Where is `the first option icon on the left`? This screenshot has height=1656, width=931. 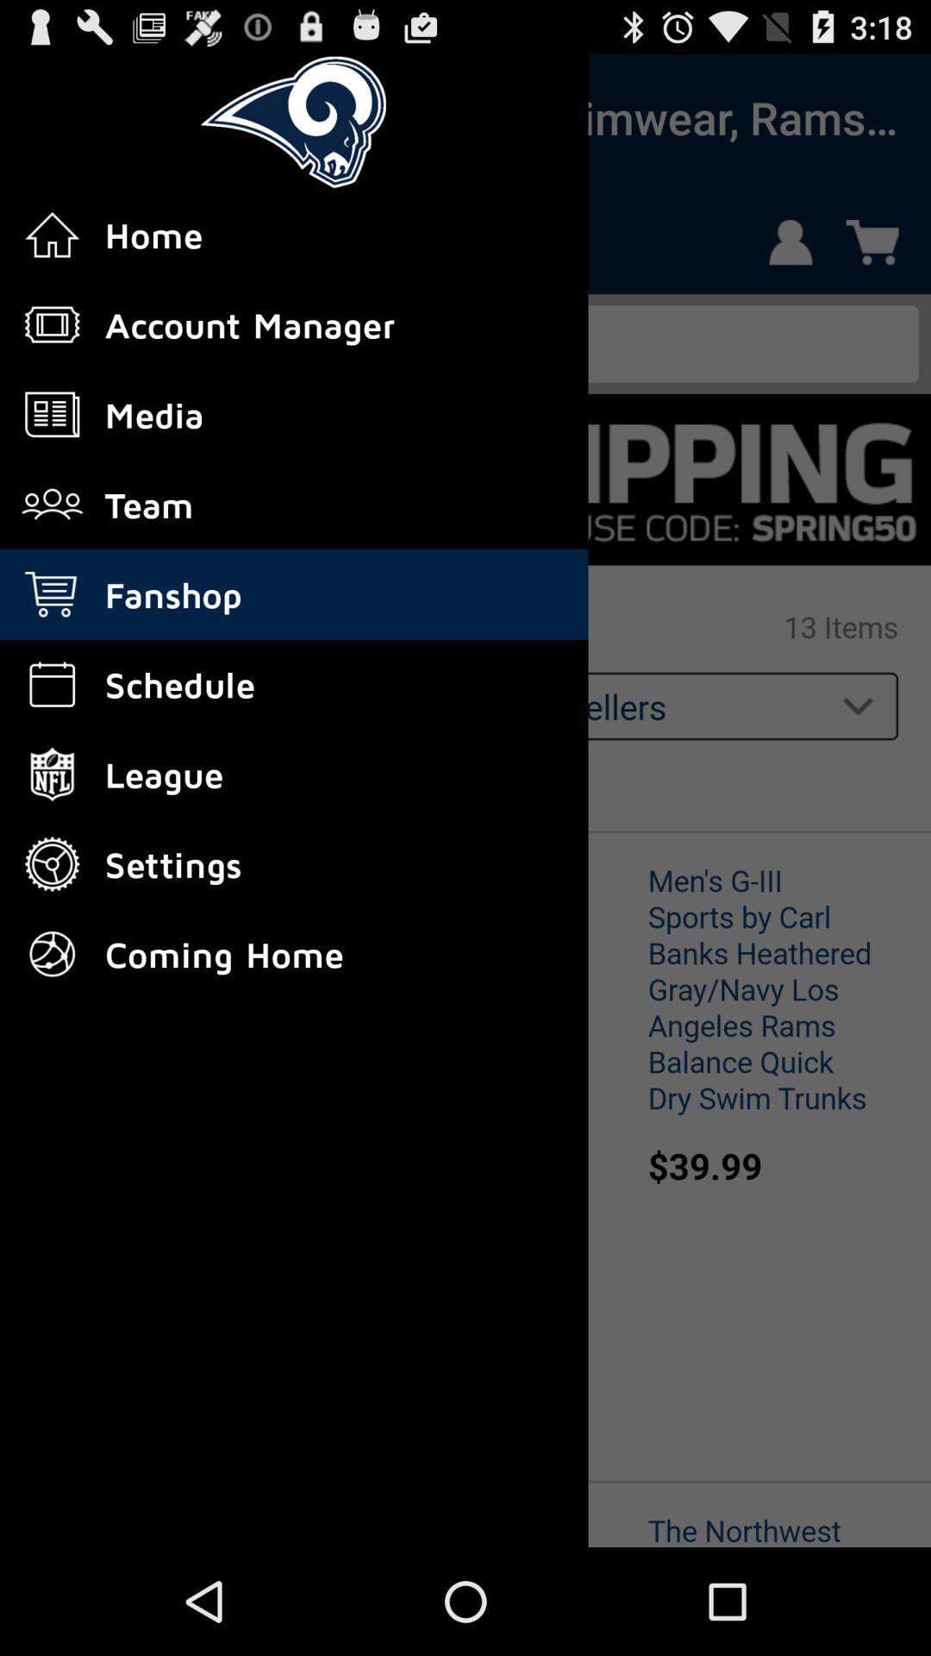
the first option icon on the left is located at coordinates (52, 234).